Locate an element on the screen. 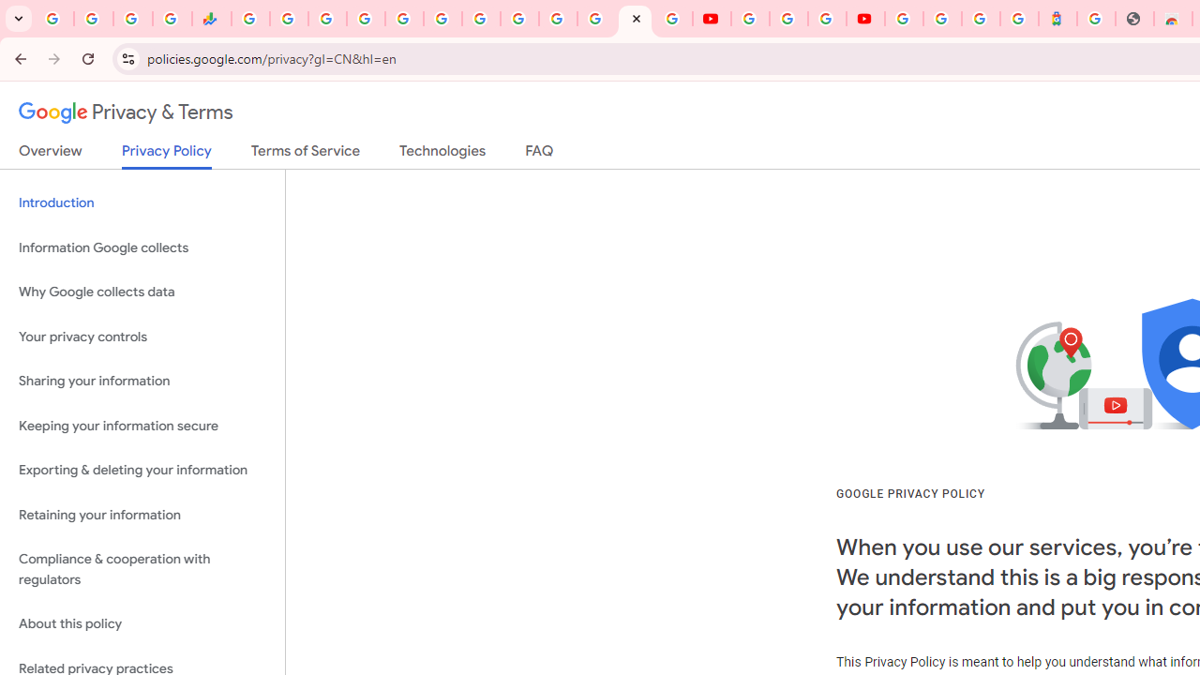  'Sign in - Google Accounts' is located at coordinates (942, 19).